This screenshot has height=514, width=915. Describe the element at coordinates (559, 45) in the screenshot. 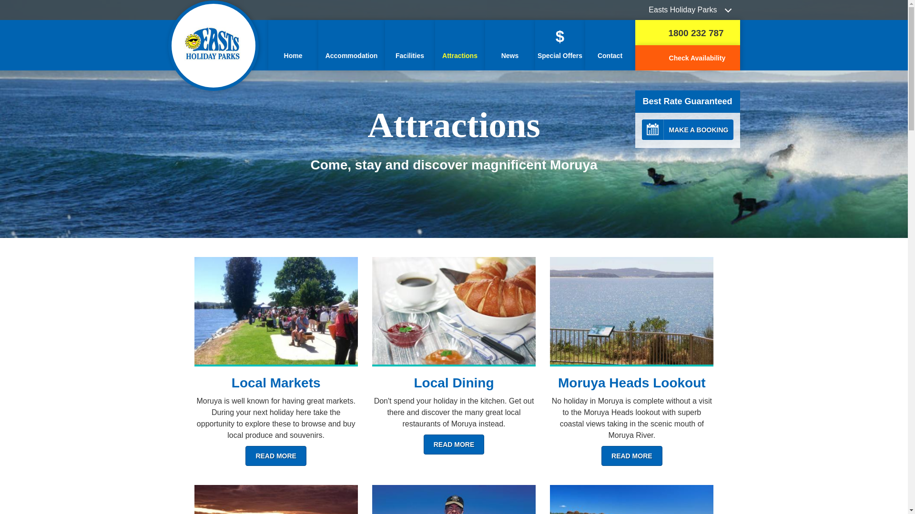

I see `'$` at that location.